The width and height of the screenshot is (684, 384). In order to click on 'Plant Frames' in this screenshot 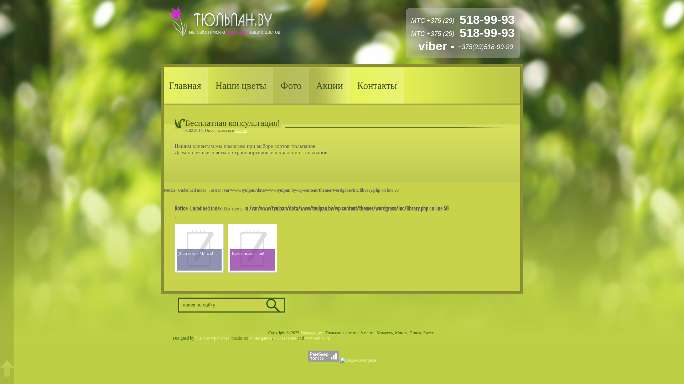, I will do `click(285, 338)`.